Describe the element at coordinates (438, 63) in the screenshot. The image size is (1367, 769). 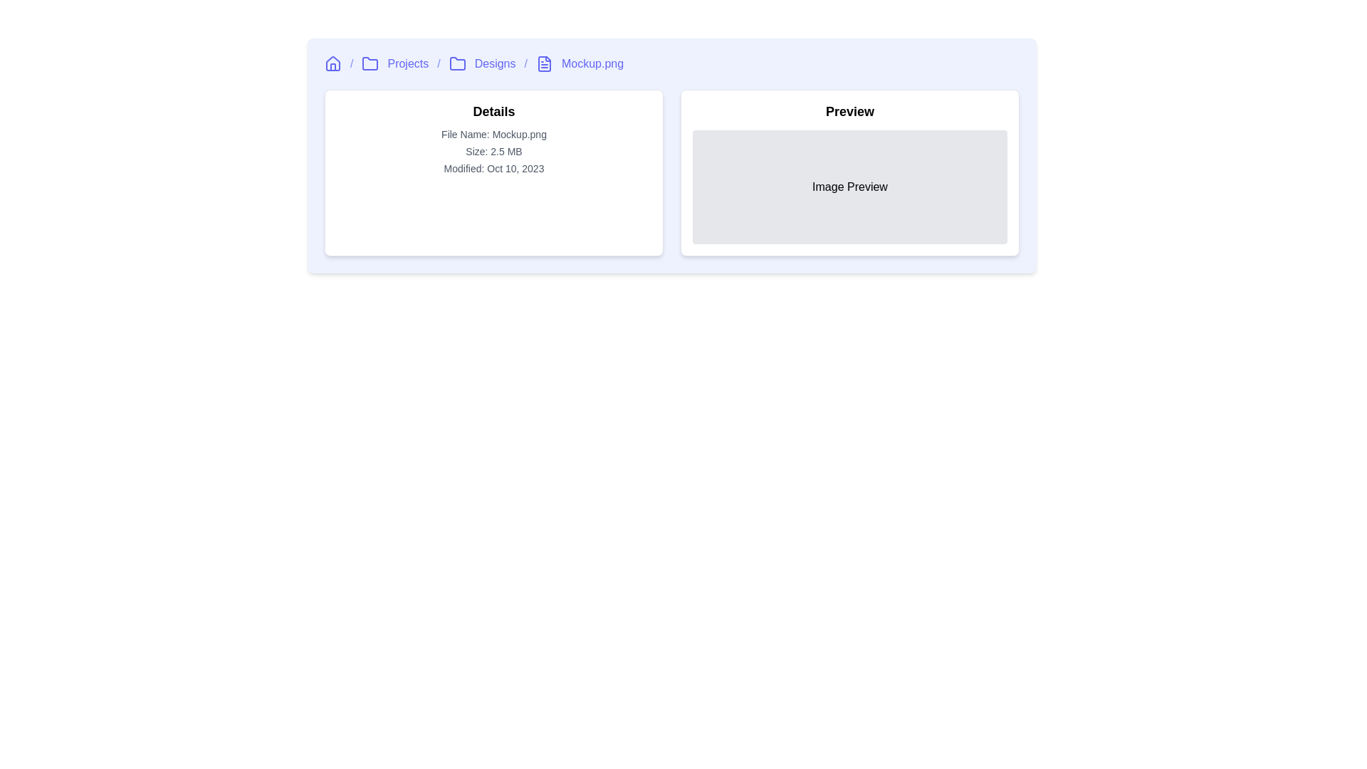
I see `the forward slash '/' separator in indigo color located between 'Projects' and 'Designs' in the top navigation bar` at that location.